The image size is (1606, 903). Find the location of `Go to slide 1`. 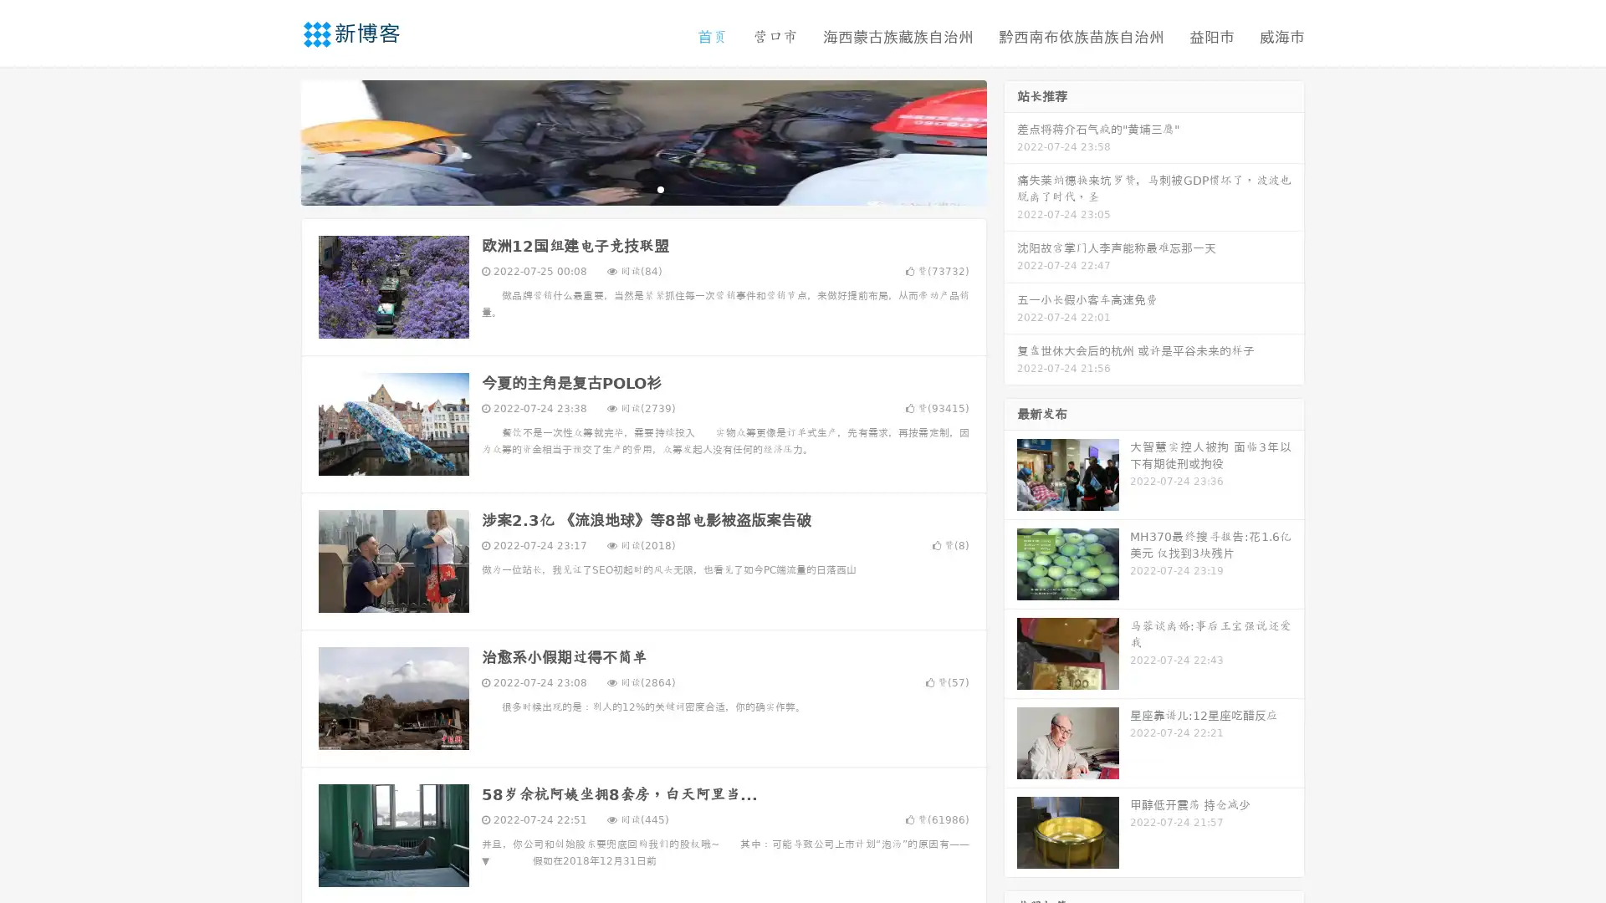

Go to slide 1 is located at coordinates (626, 188).